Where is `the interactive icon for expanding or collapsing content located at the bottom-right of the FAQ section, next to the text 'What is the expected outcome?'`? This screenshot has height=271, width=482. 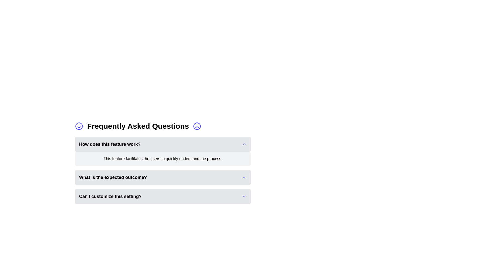 the interactive icon for expanding or collapsing content located at the bottom-right of the FAQ section, next to the text 'What is the expected outcome?' is located at coordinates (244, 177).